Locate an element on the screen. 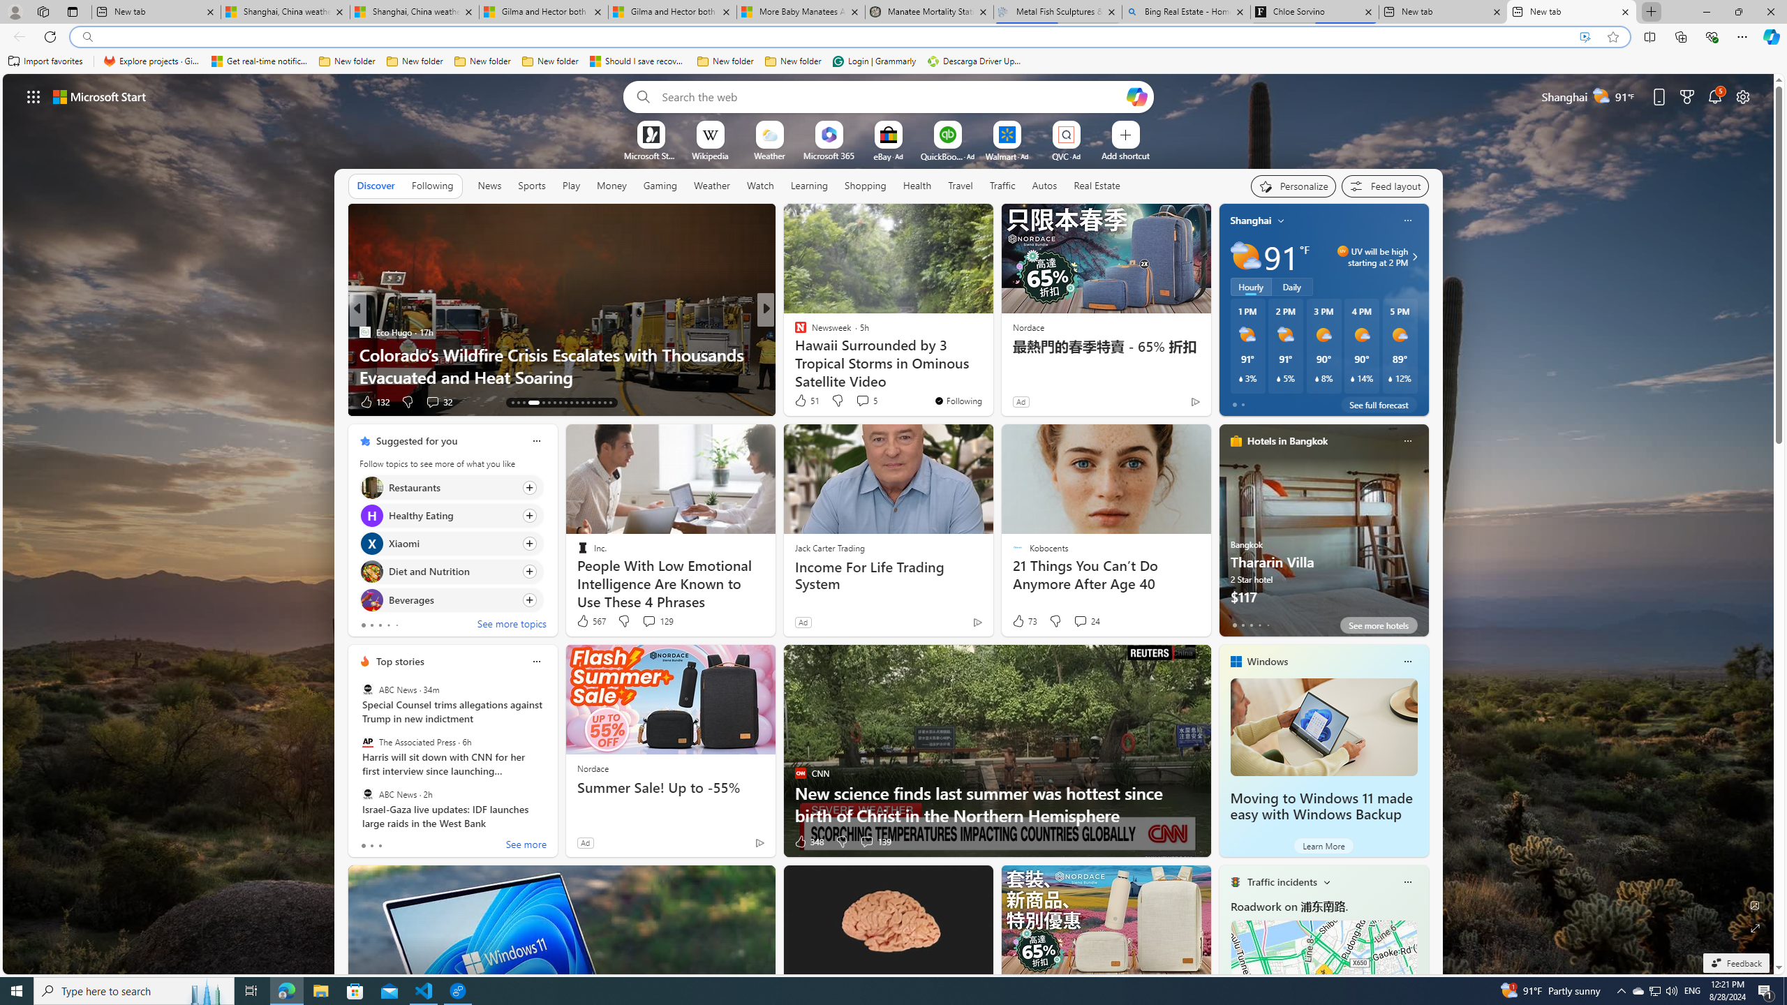 Image resolution: width=1787 pixels, height=1005 pixels. 'You' is located at coordinates (1164, 404).